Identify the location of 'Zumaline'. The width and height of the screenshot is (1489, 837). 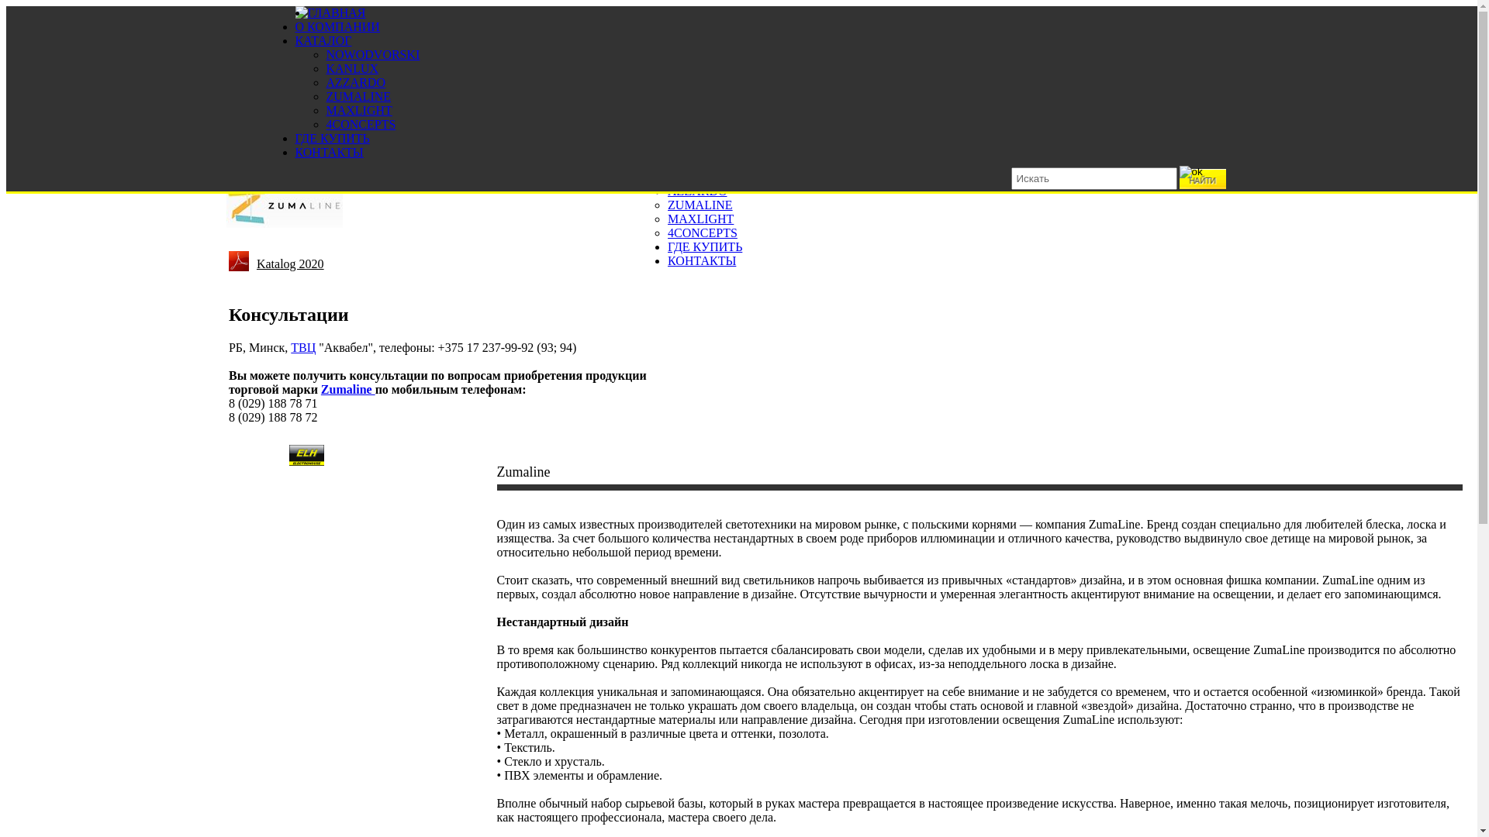
(347, 388).